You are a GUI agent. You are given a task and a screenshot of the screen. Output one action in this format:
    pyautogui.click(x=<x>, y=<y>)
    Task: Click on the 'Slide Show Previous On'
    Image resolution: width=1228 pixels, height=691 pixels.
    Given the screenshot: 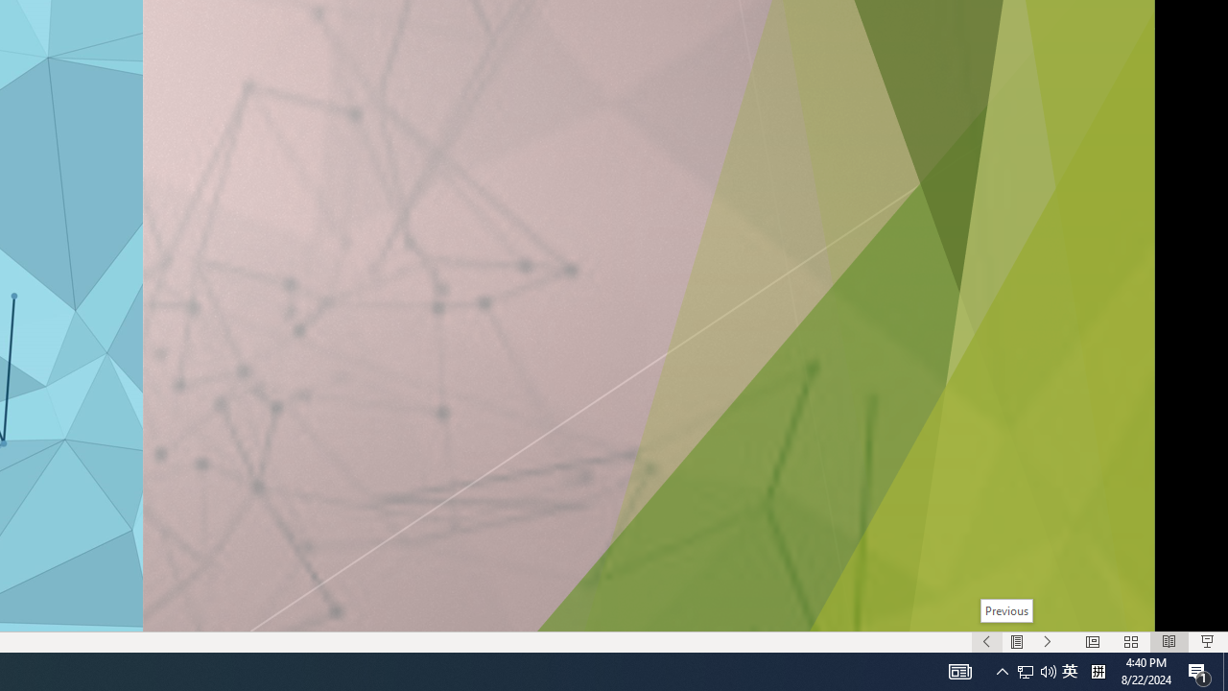 What is the action you would take?
    pyautogui.click(x=986, y=642)
    